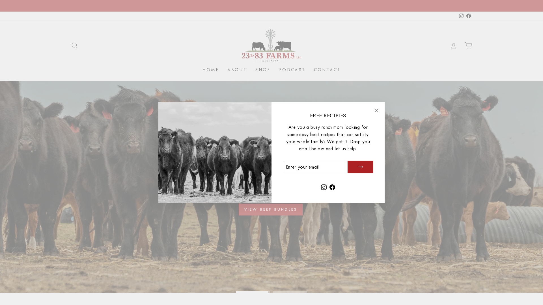 The width and height of the screenshot is (543, 305). Describe the element at coordinates (327, 69) in the screenshot. I see `'CONTACT'` at that location.